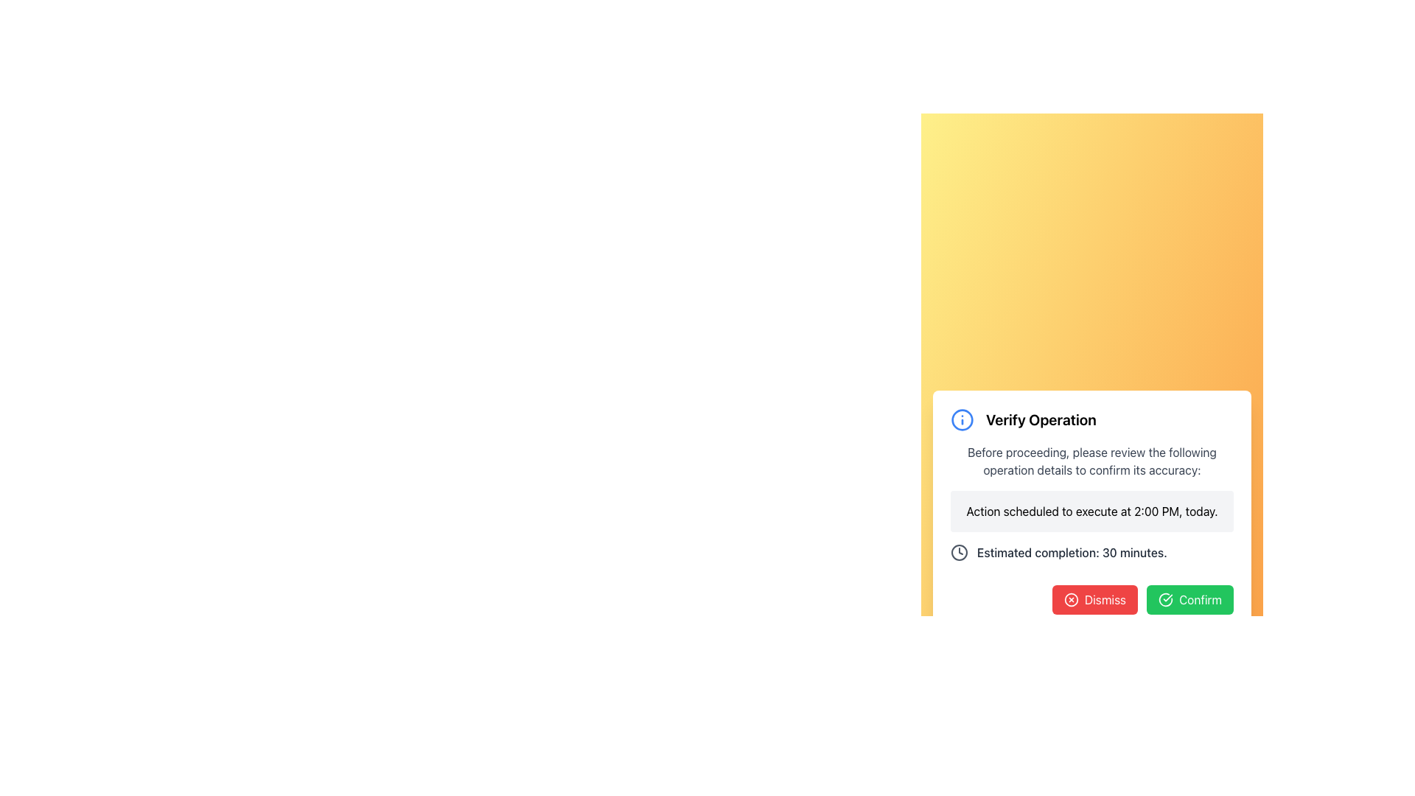 This screenshot has height=796, width=1415. I want to click on the confirmation icon located within the 'Confirm' button at the bottom-right of the dialog box, positioned to the left of the 'Confirm' text, so click(1165, 599).